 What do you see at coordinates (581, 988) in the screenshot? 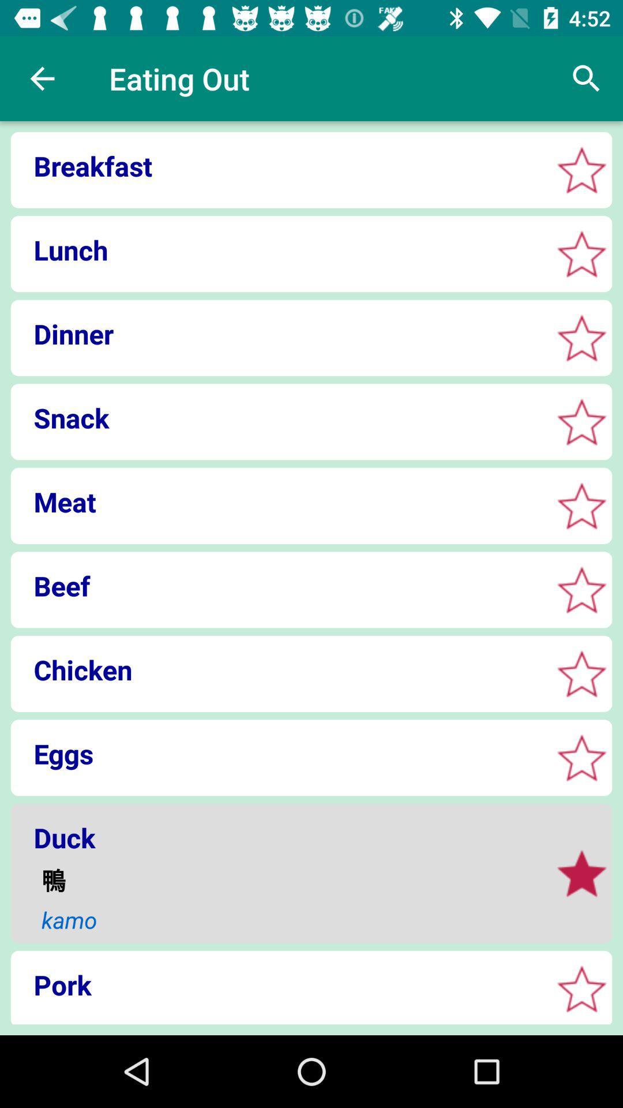
I see `click the star box` at bounding box center [581, 988].